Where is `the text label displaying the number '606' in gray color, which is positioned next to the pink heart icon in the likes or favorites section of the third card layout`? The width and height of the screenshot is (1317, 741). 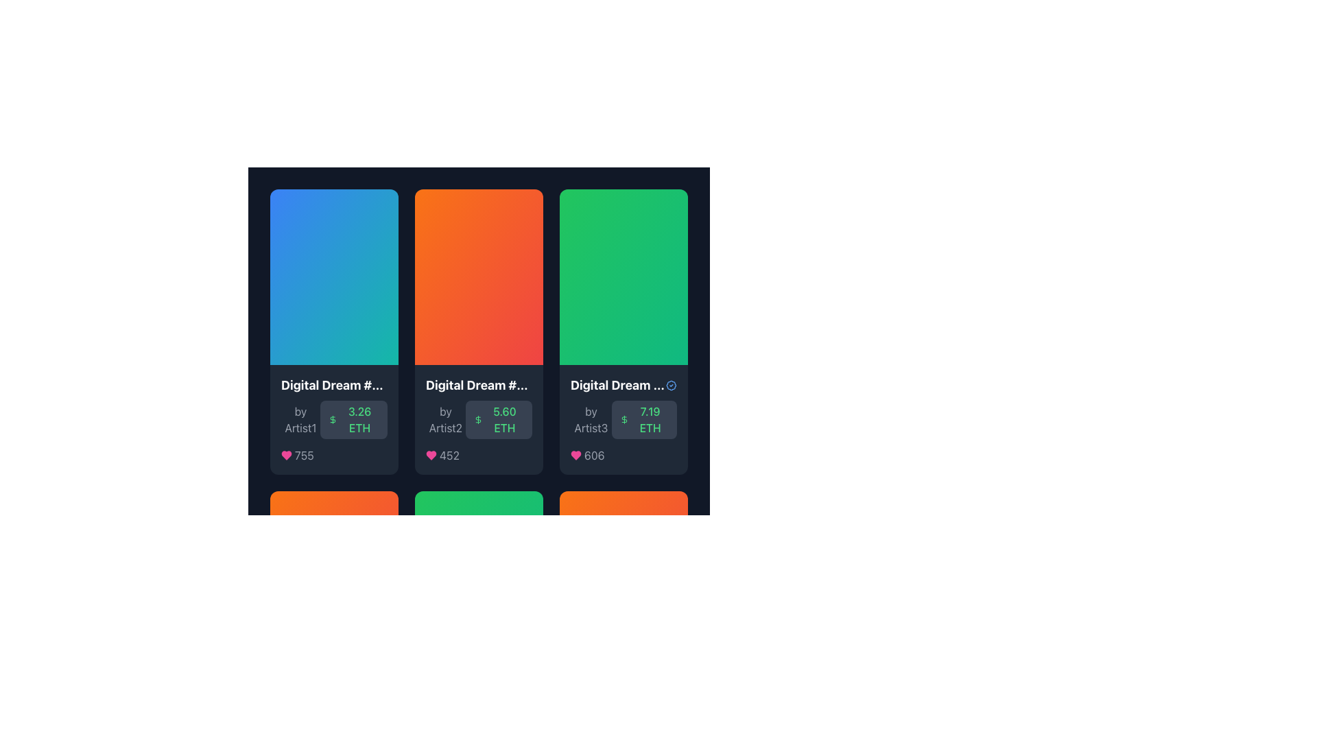 the text label displaying the number '606' in gray color, which is positioned next to the pink heart icon in the likes or favorites section of the third card layout is located at coordinates (594, 455).